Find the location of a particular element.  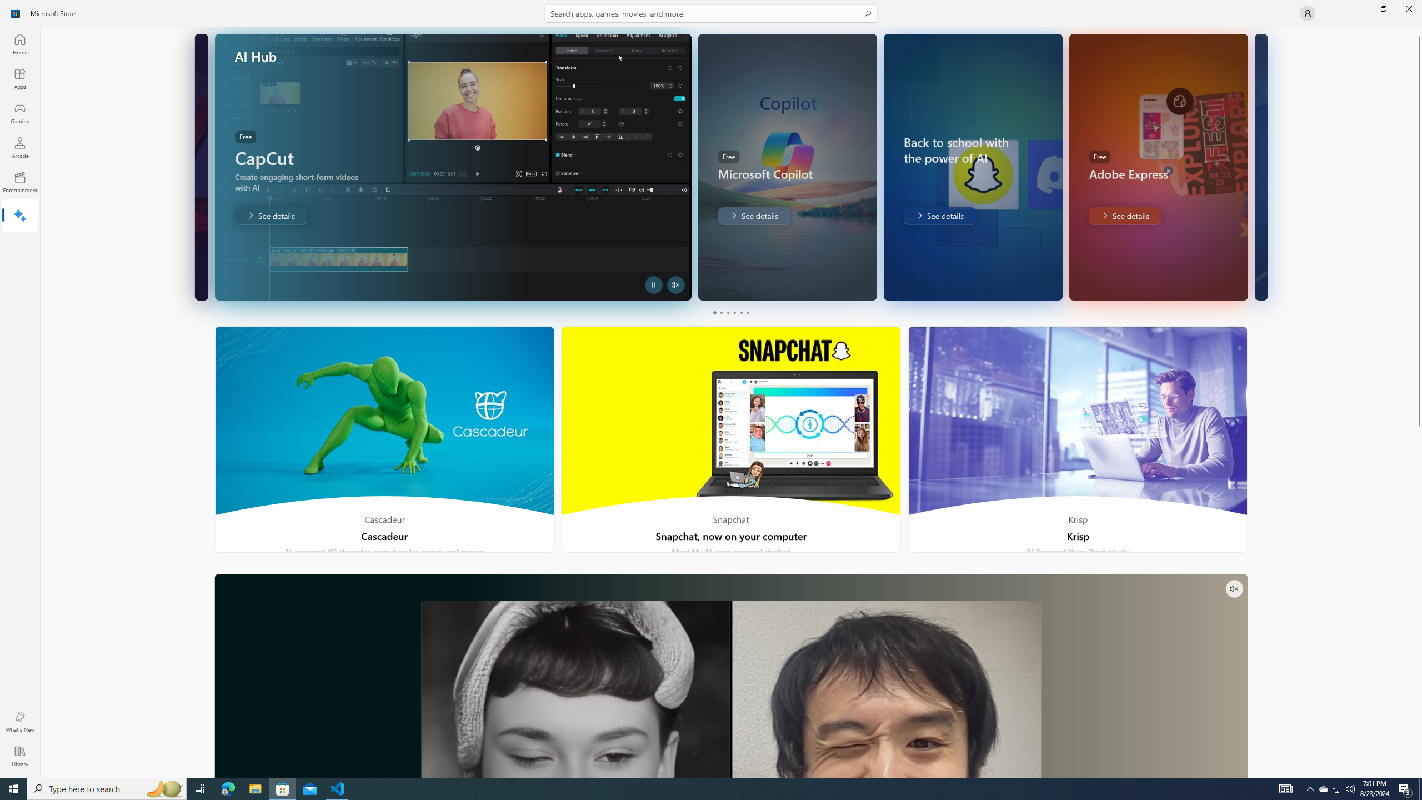

'Restore Microsoft Store' is located at coordinates (1383, 8).